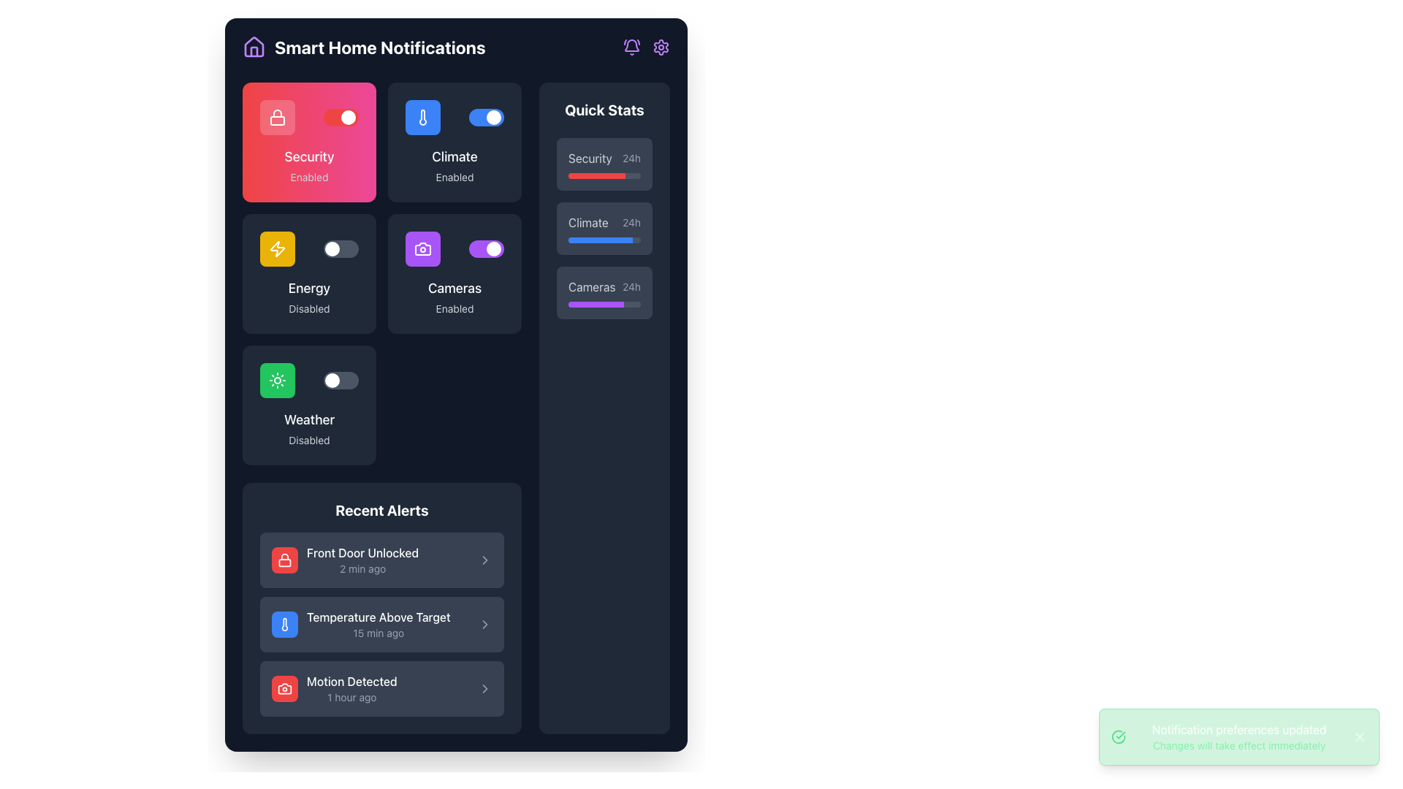  Describe the element at coordinates (284, 688) in the screenshot. I see `the square-shaped Icon button with a red background and a white camera icon located in the 'Recent Alerts' section` at that location.